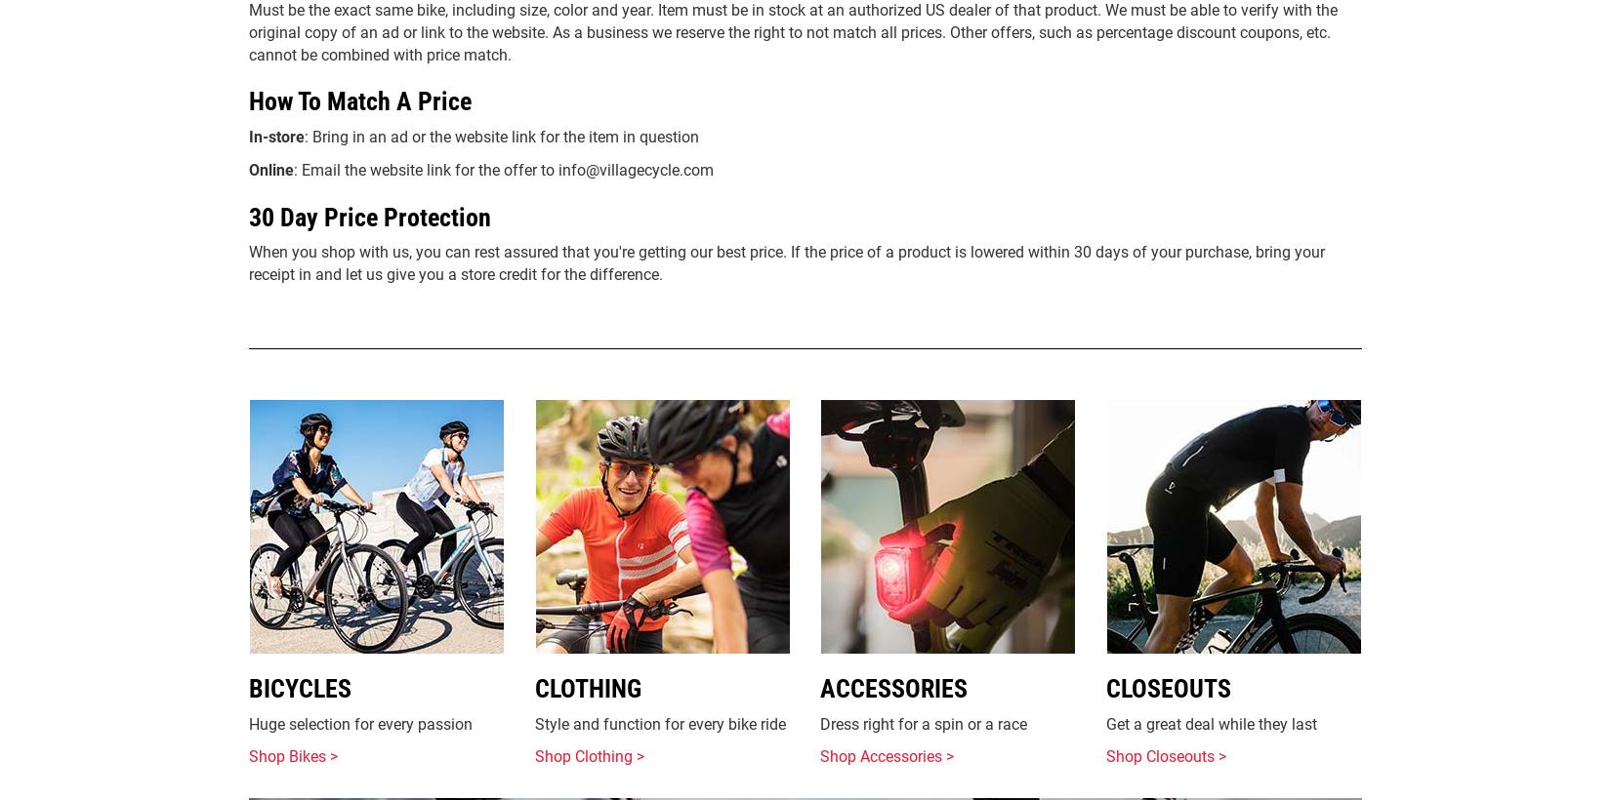 The image size is (1611, 800). I want to click on 'Stems', so click(541, 181).